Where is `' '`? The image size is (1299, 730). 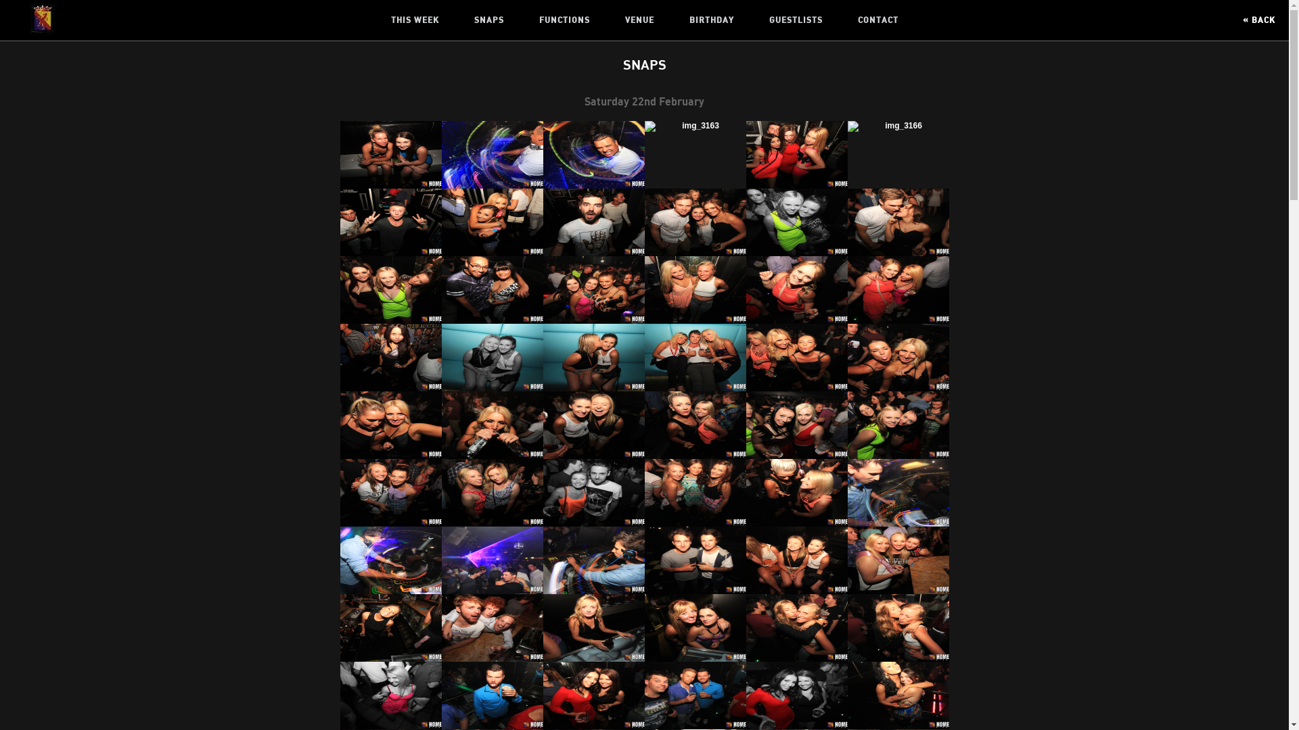
' ' is located at coordinates (695, 560).